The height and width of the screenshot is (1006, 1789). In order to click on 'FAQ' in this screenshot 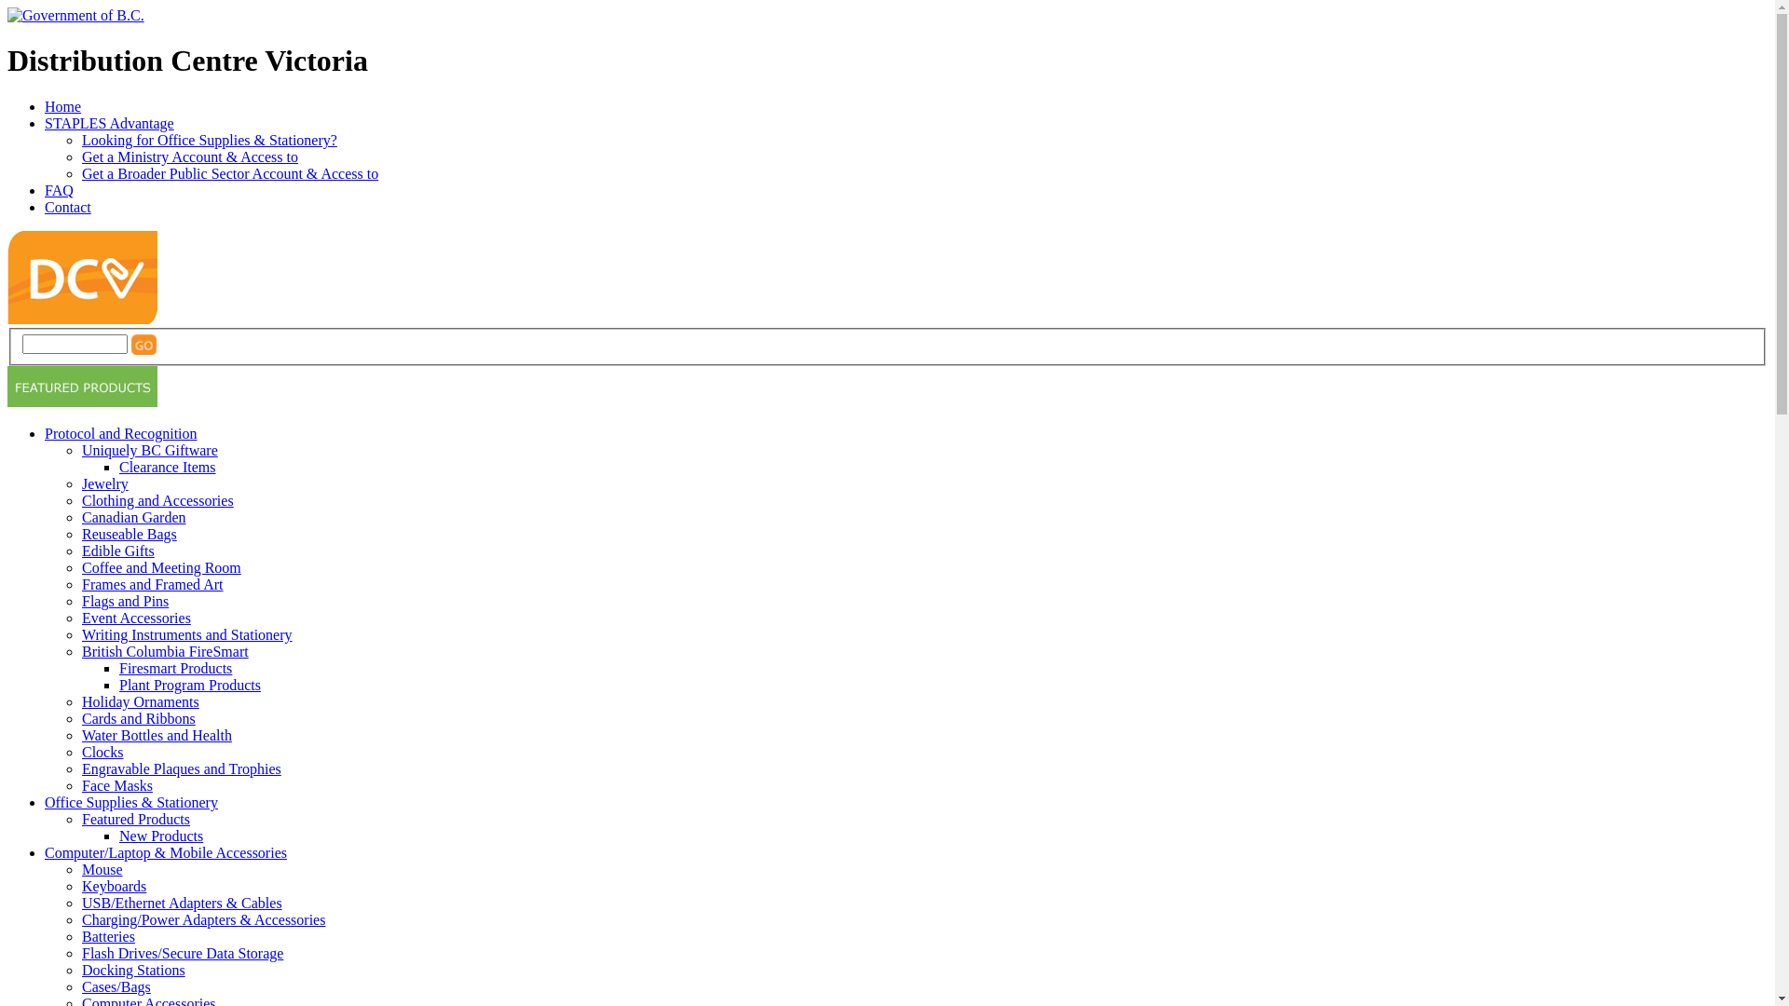, I will do `click(45, 190)`.